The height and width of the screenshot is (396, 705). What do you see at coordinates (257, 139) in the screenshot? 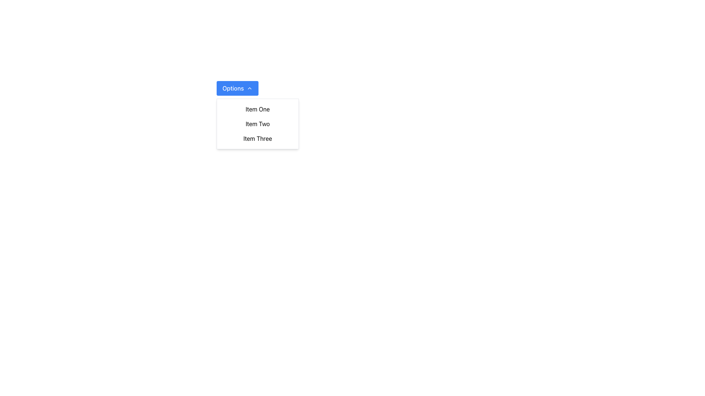
I see `the dropdown menu item labeled 'Item Three'` at bounding box center [257, 139].